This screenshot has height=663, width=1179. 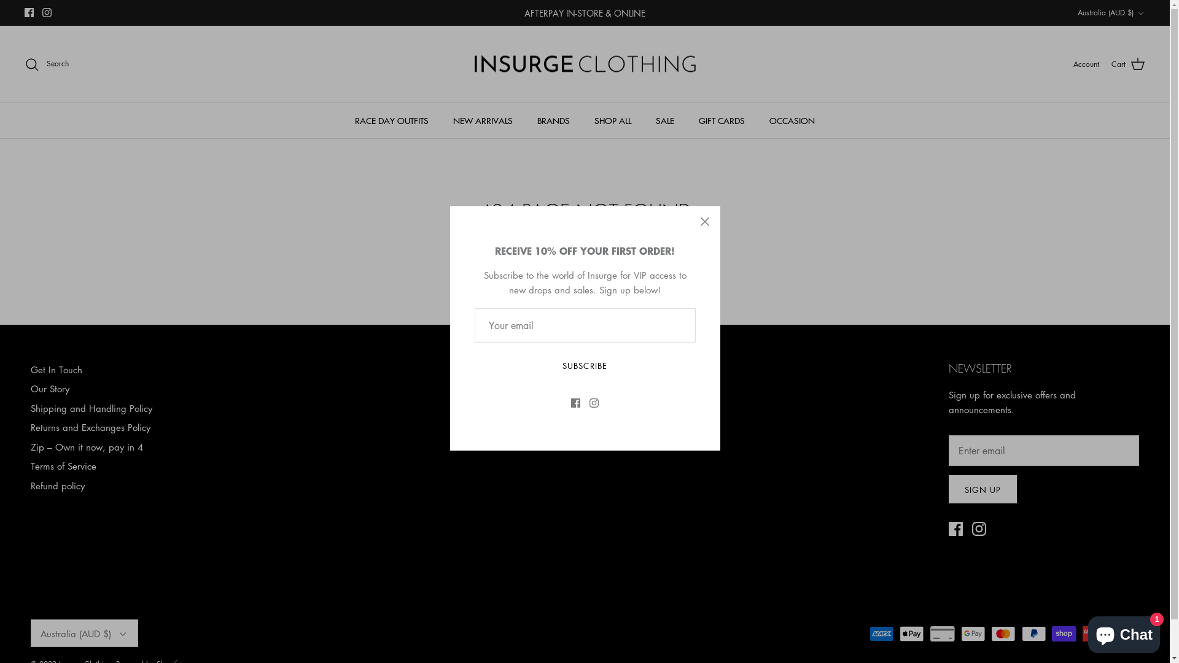 I want to click on 'Cart', so click(x=1111, y=64).